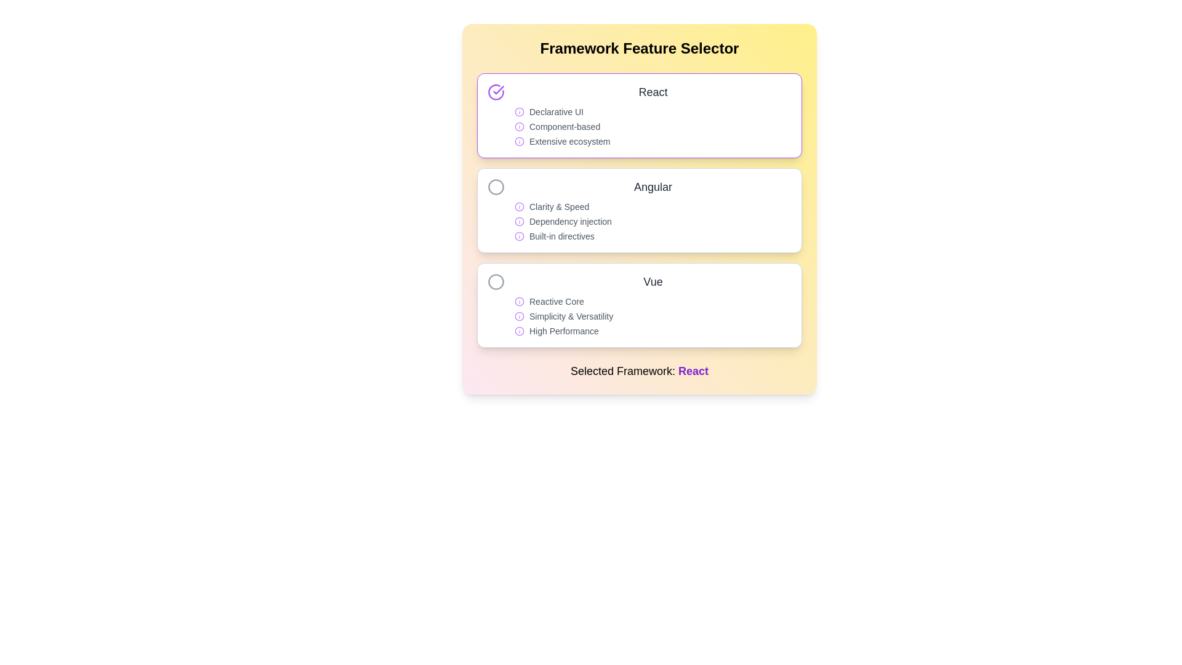 The height and width of the screenshot is (665, 1182). Describe the element at coordinates (520, 206) in the screenshot. I see `the small circular purple icon with an 'i' inside, located before the text 'Clarity & Speed' in the 'Angular' section` at that location.